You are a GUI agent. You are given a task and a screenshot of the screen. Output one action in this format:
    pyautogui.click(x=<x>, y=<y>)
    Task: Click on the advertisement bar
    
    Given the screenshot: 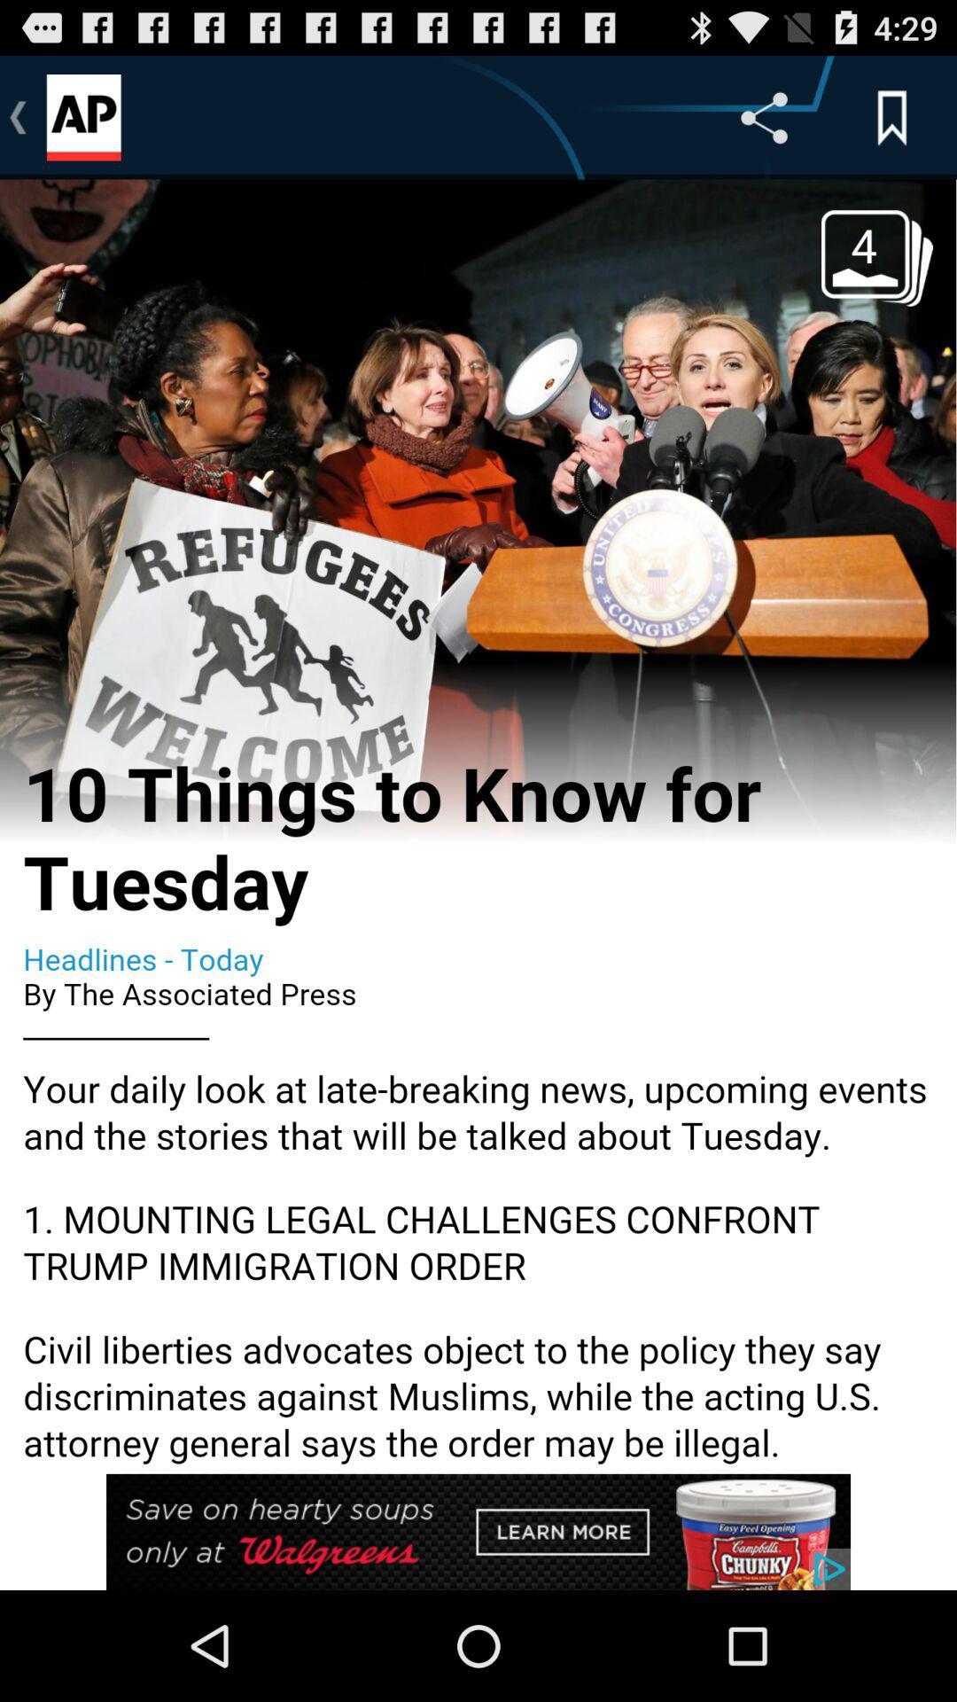 What is the action you would take?
    pyautogui.click(x=478, y=1531)
    